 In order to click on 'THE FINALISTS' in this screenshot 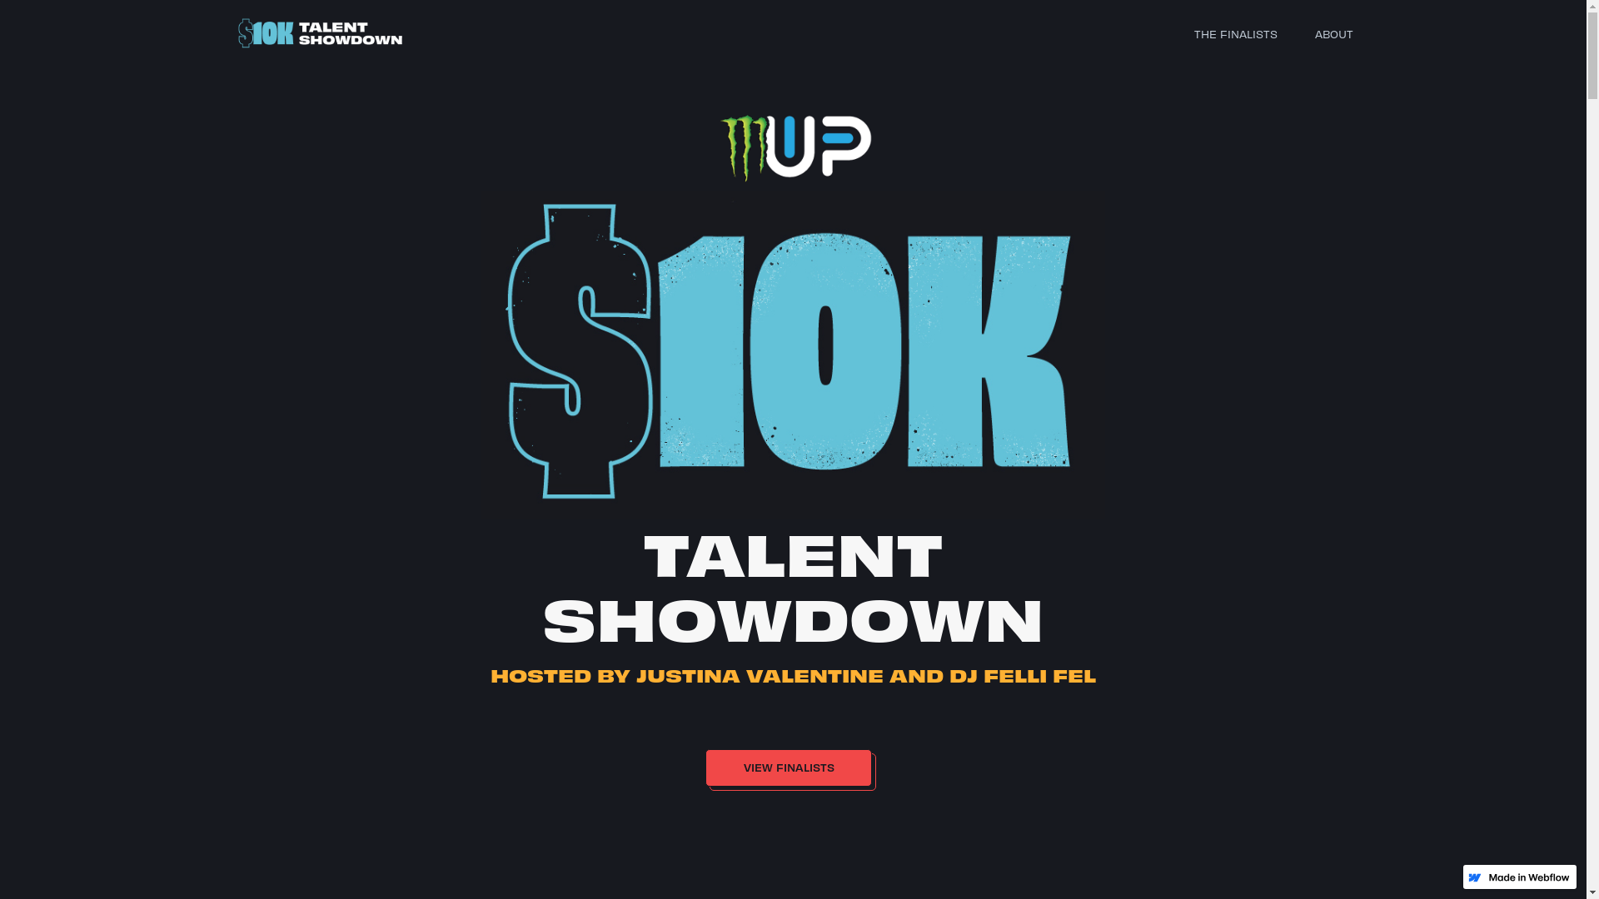, I will do `click(1235, 32)`.